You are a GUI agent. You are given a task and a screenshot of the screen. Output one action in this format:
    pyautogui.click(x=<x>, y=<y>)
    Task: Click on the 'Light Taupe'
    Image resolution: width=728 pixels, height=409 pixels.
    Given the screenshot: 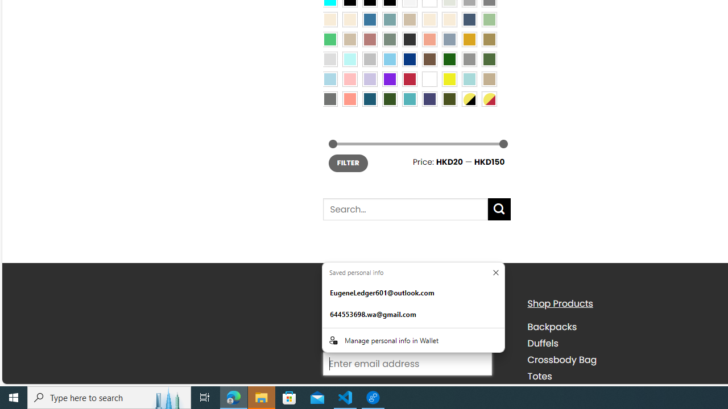 What is the action you would take?
    pyautogui.click(x=349, y=39)
    